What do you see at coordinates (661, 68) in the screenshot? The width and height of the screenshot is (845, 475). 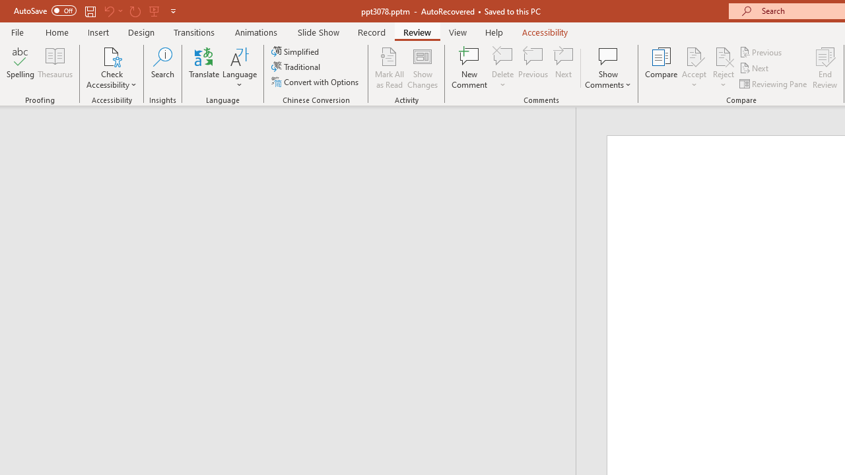 I see `'Compare'` at bounding box center [661, 68].